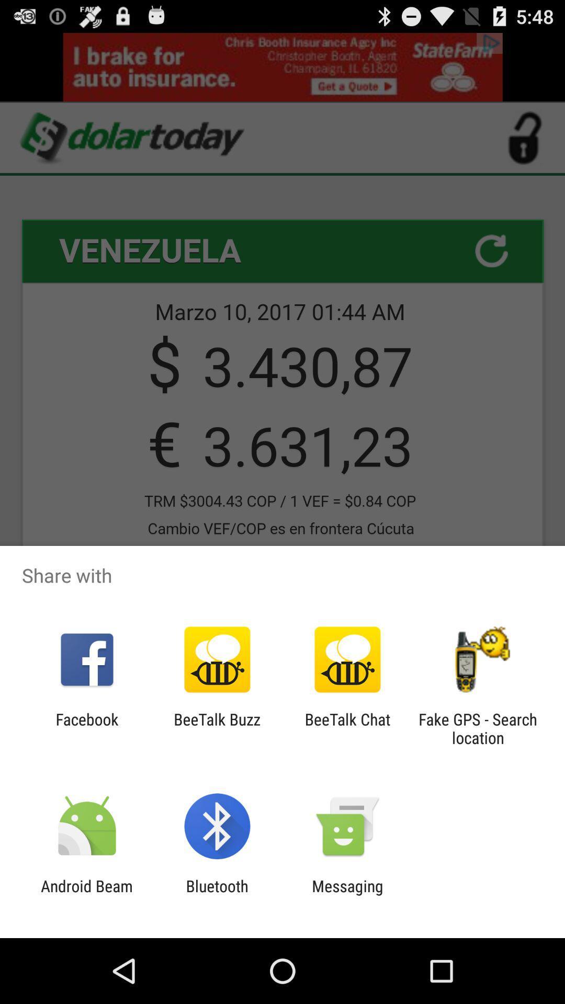  What do you see at coordinates (217, 895) in the screenshot?
I see `icon next to messaging icon` at bounding box center [217, 895].